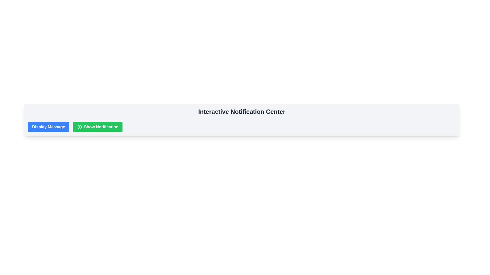 This screenshot has height=275, width=490. I want to click on the green button labeled 'Show Notification' which features white bold text and a plus sign icon for interactive effects, so click(98, 127).